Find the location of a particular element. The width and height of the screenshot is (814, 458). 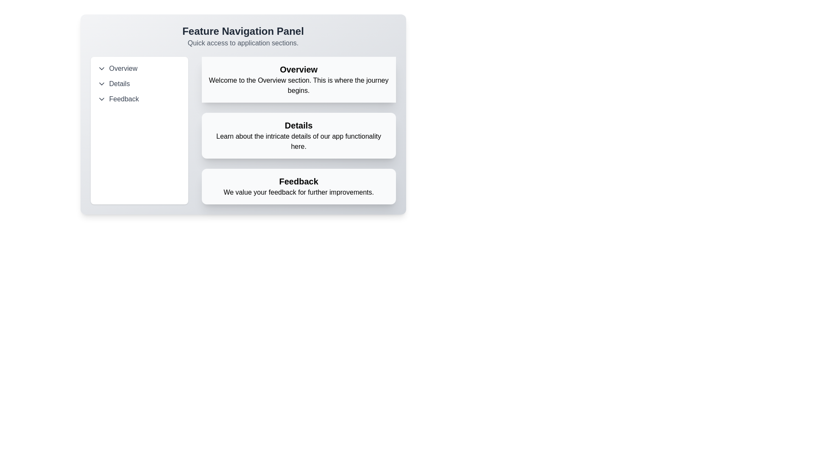

the label displaying 'Welcome to the Overview section. This is where the journey begins.' which is located beneath the 'Overview' heading in the rectangular card is located at coordinates (298, 85).